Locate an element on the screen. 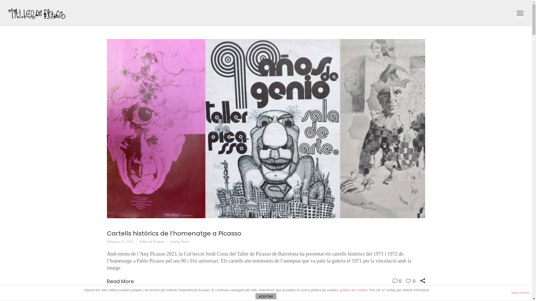  'ACEPTAR' is located at coordinates (265, 296).